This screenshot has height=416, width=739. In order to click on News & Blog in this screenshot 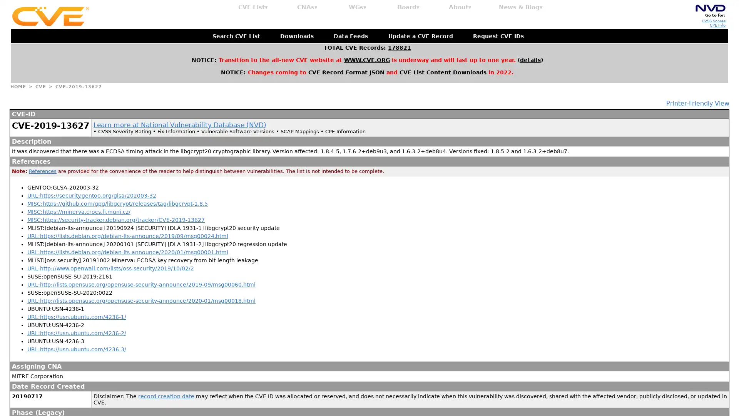, I will do `click(521, 7)`.